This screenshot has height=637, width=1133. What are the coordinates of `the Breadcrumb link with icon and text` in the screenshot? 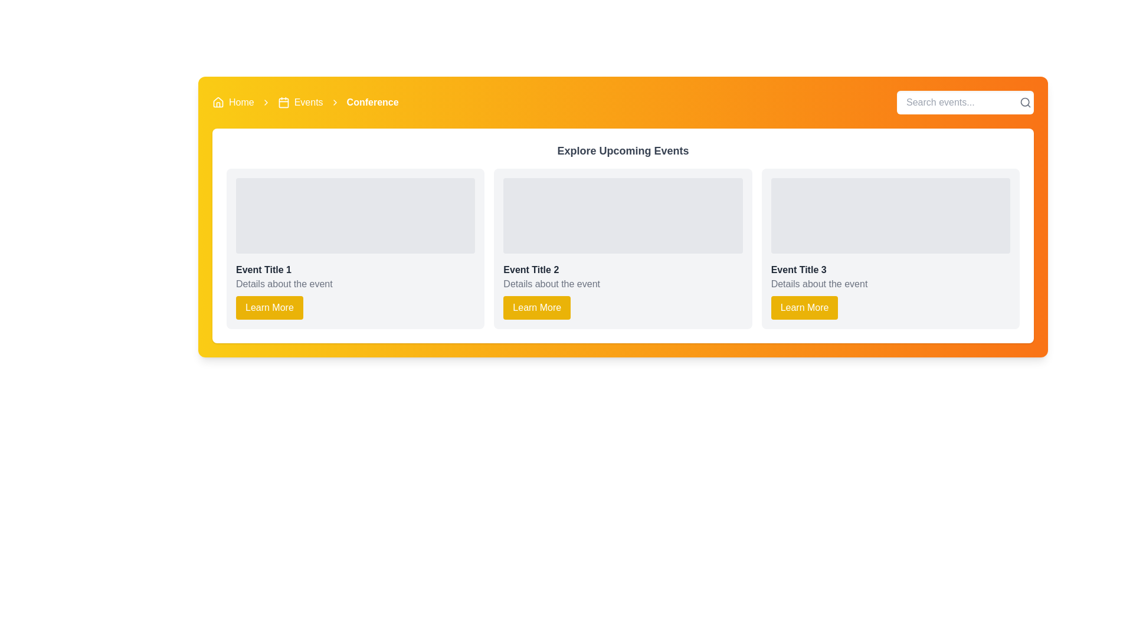 It's located at (233, 101).